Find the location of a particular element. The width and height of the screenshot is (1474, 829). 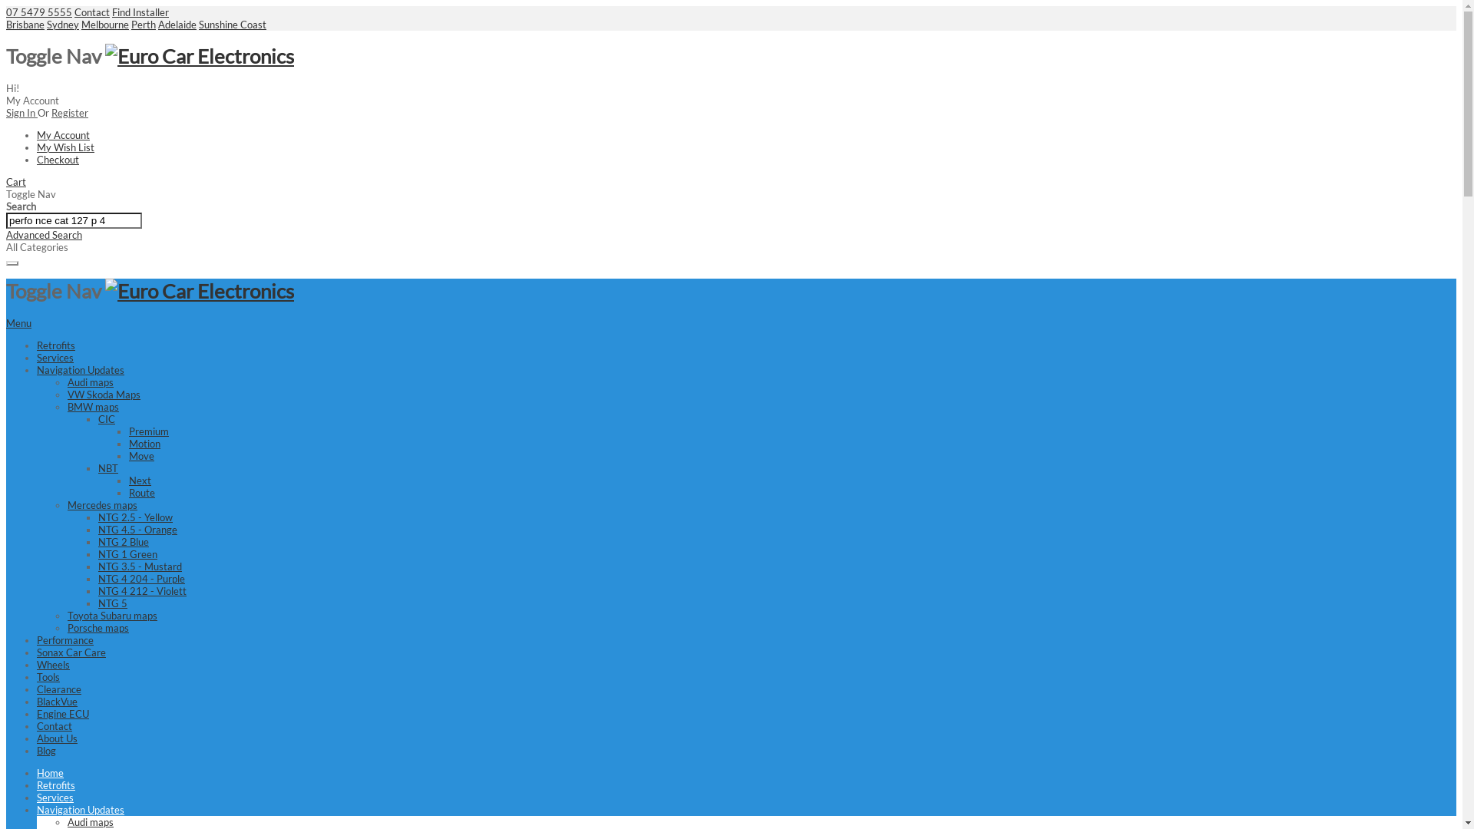

'Services' is located at coordinates (55, 358).